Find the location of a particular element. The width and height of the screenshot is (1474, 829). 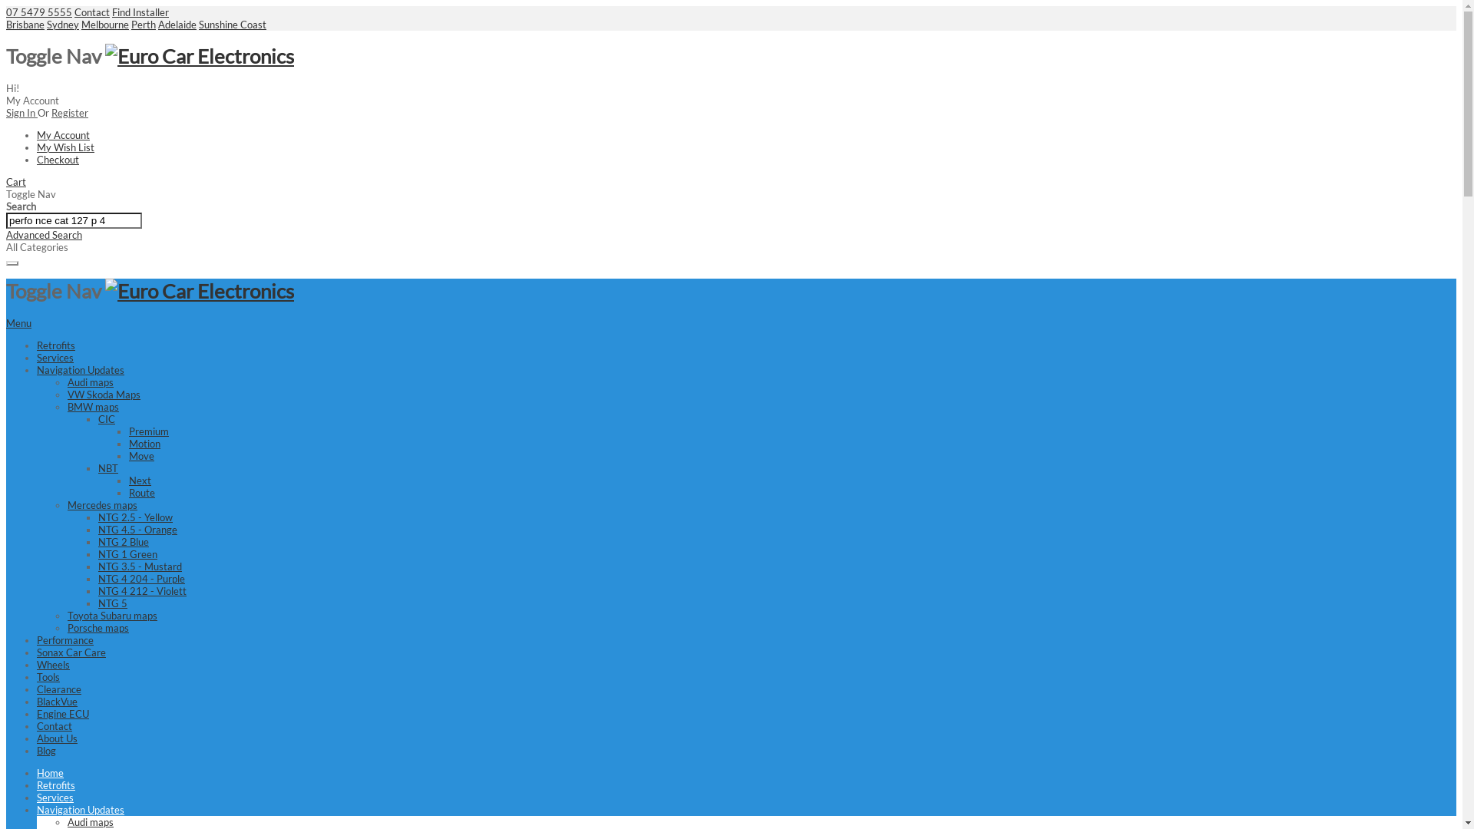

'Services' is located at coordinates (55, 358).